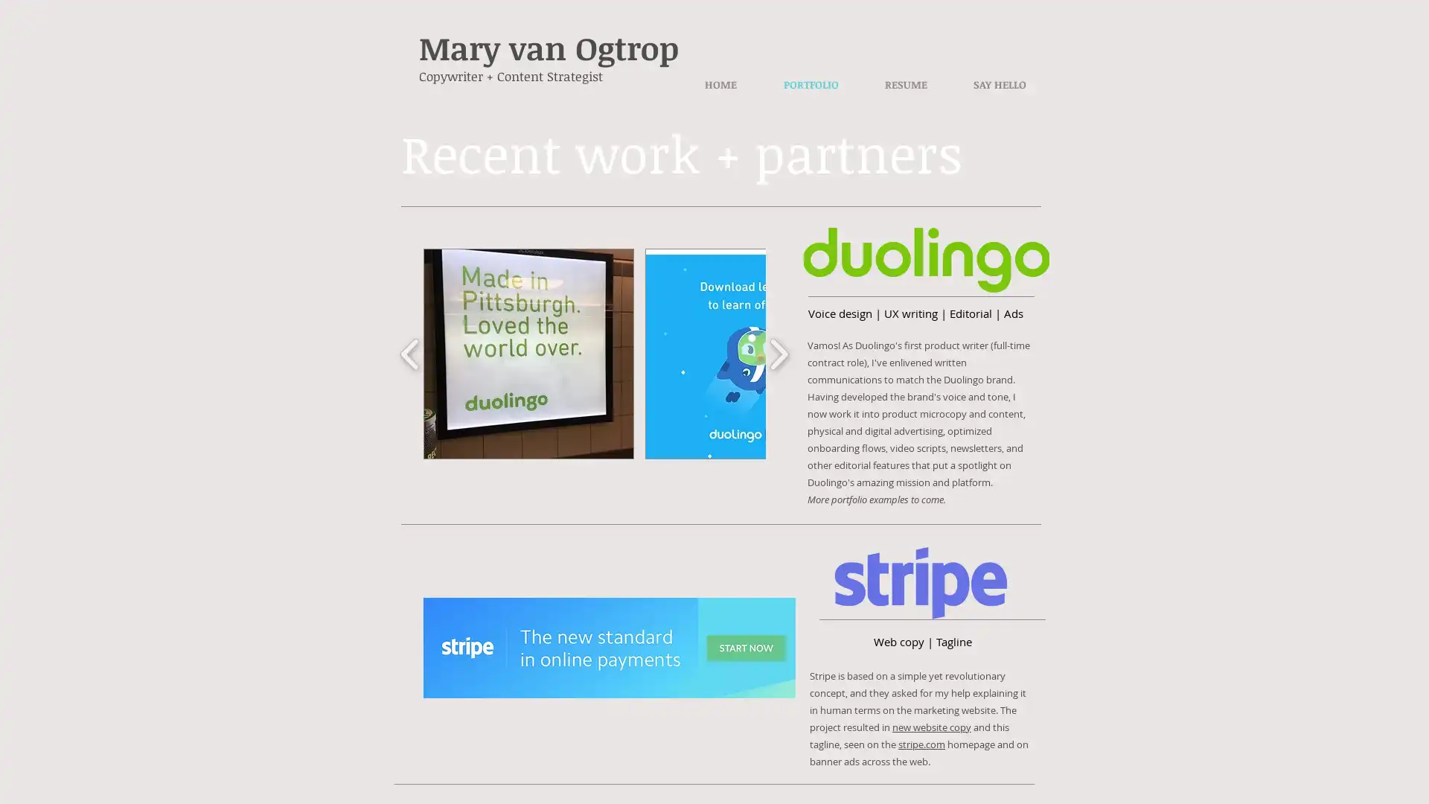  I want to click on play backward, so click(410, 353).